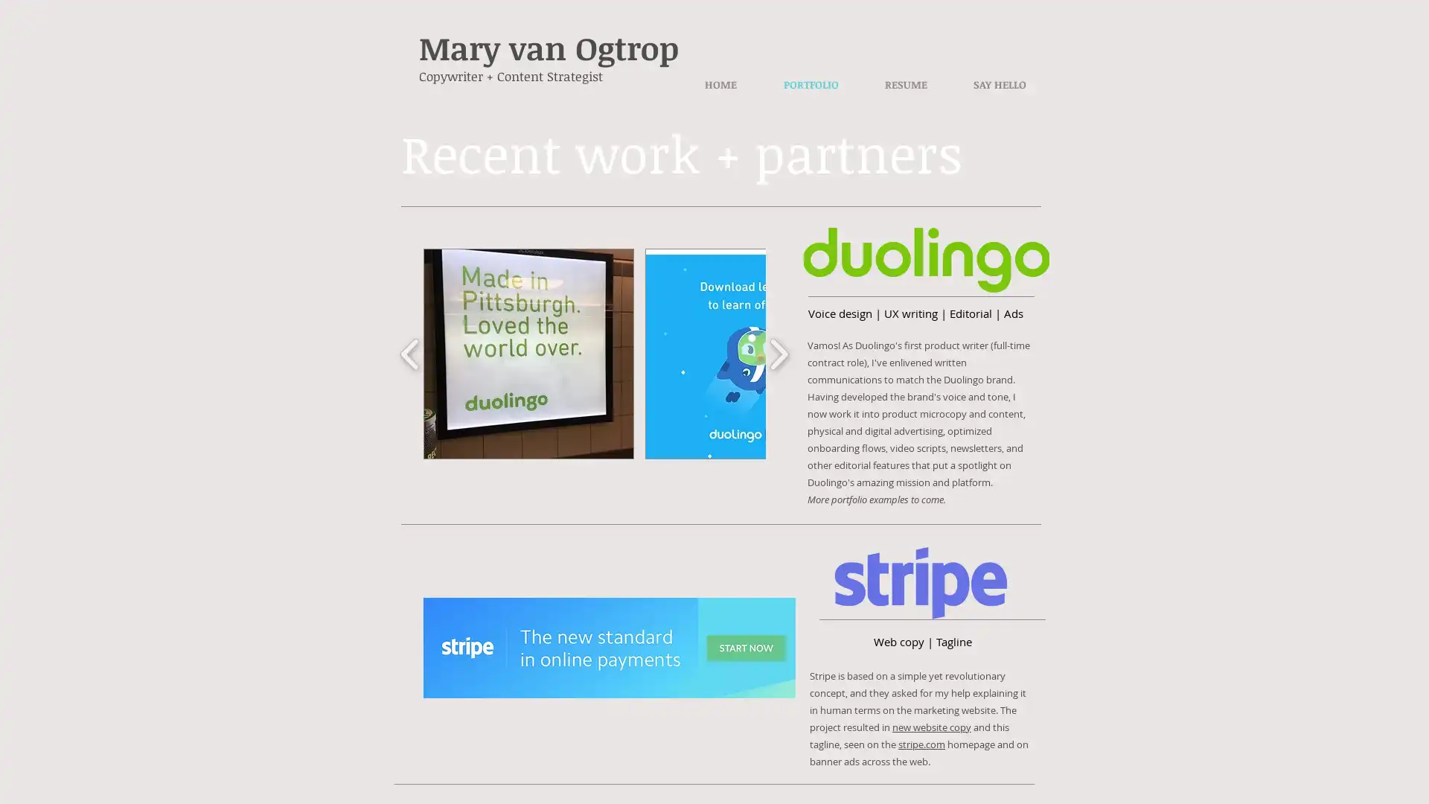  I want to click on play backward, so click(410, 353).